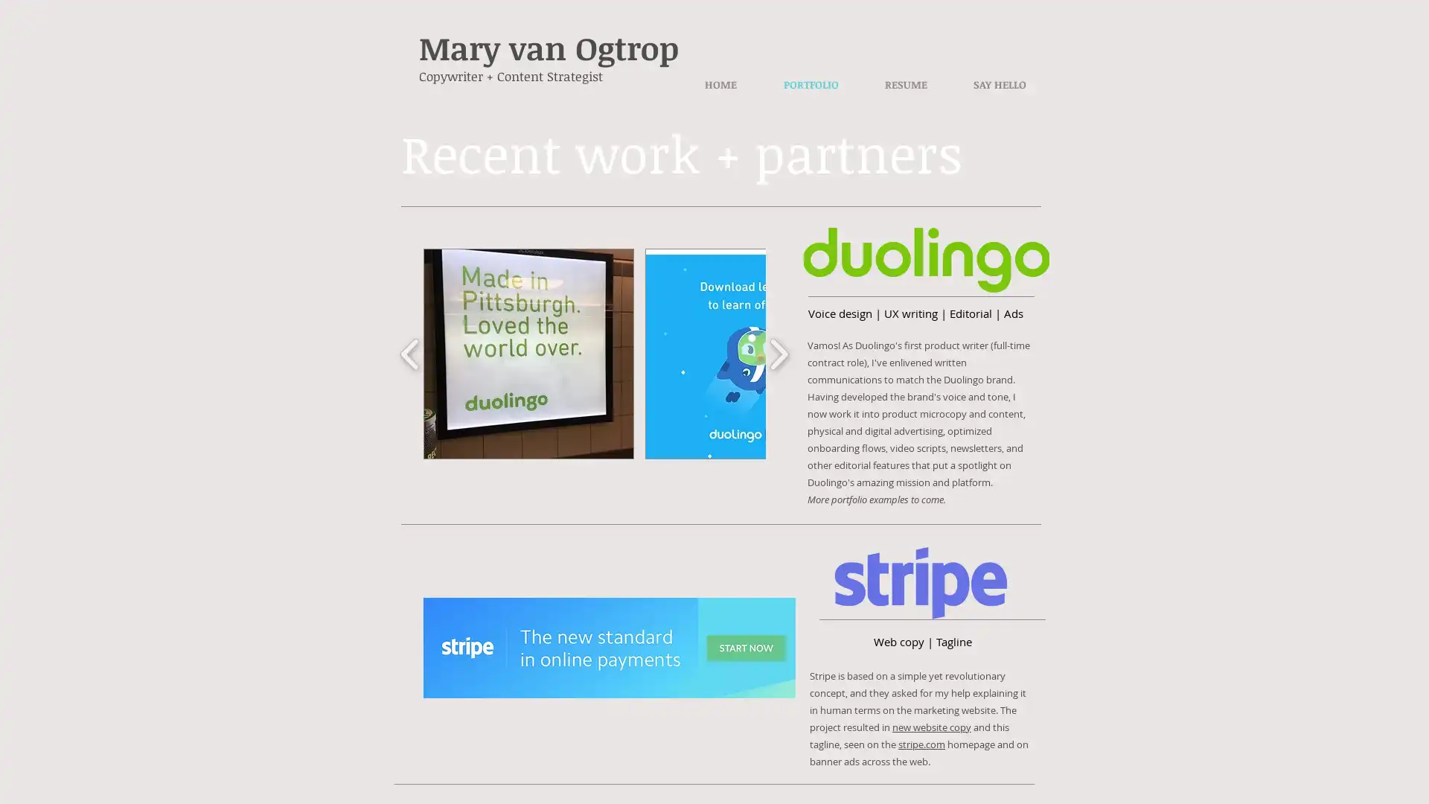  I want to click on play backward, so click(410, 353).